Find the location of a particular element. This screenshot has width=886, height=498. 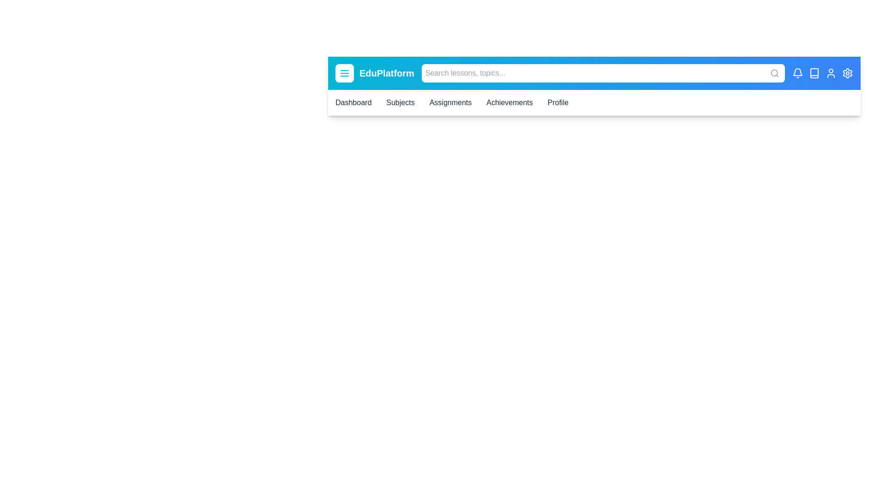

the menu button to toggle the navigation menu is located at coordinates (344, 72).